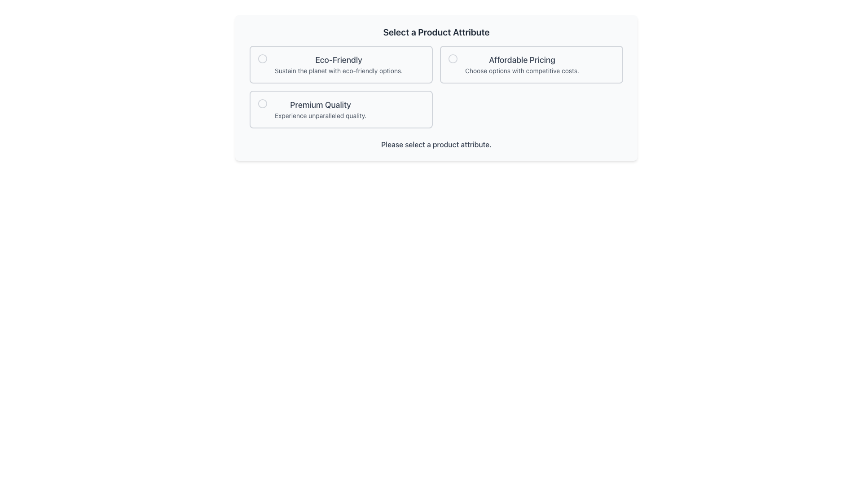 The height and width of the screenshot is (485, 862). I want to click on the static text label that reads 'Sustain the planet with eco-friendly options.' located below the 'Eco-Friendly' header in the leftmost option card, so click(338, 71).